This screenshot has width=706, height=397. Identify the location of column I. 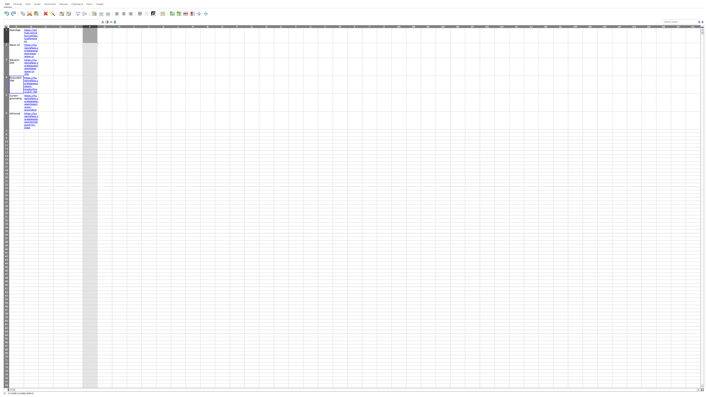
(134, 26).